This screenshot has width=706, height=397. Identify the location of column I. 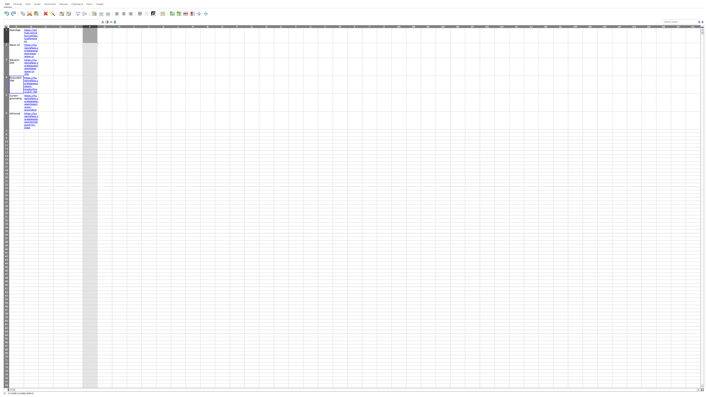
(134, 26).